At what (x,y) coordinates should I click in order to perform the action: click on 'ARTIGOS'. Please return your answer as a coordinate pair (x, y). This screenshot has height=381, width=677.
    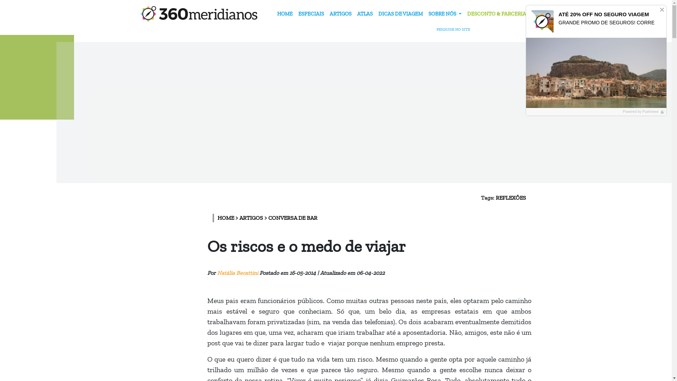
    Looking at the image, I should click on (340, 14).